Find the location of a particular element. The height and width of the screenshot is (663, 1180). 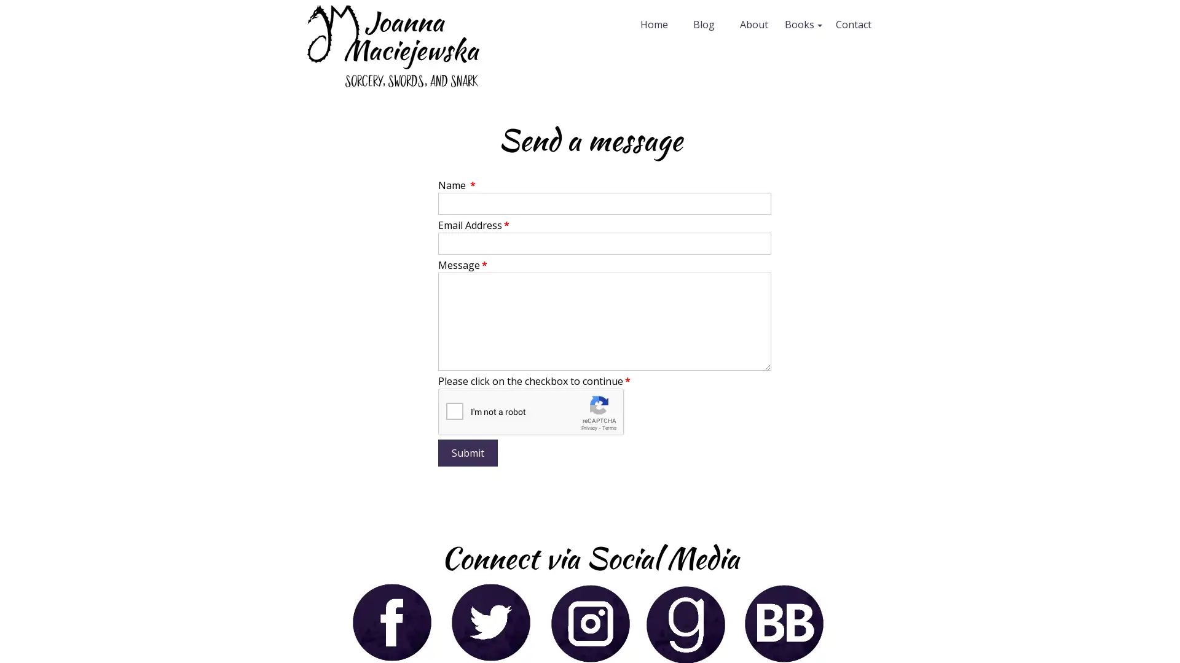

Submit is located at coordinates (467, 452).